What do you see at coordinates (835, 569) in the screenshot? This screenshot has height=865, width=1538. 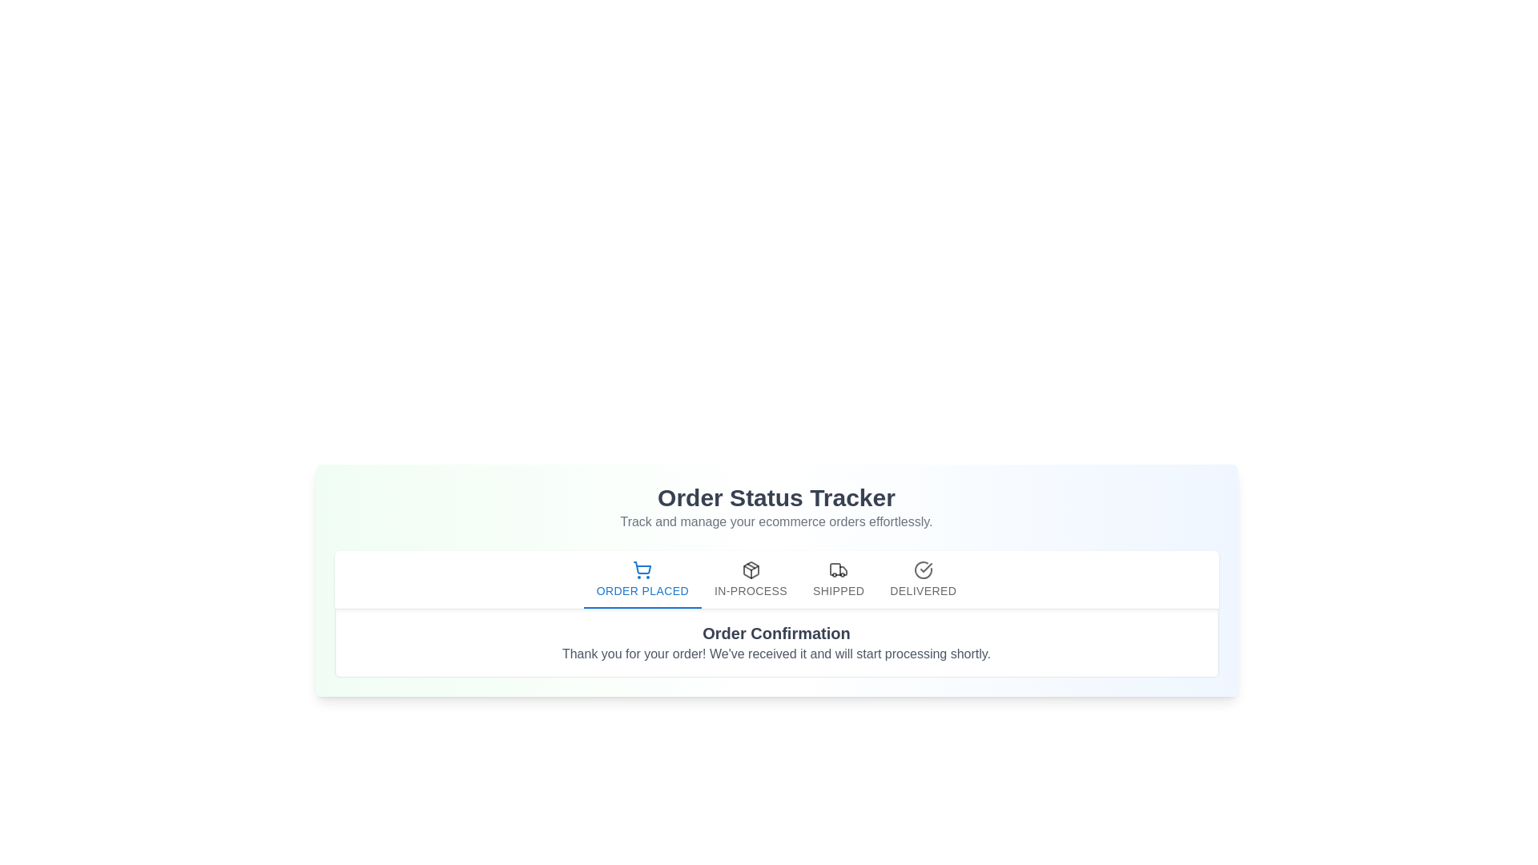 I see `the 'Shipped' status icon in the order tracking interface, which is located between the 'In-Process' and 'Delivered' statuses` at bounding box center [835, 569].